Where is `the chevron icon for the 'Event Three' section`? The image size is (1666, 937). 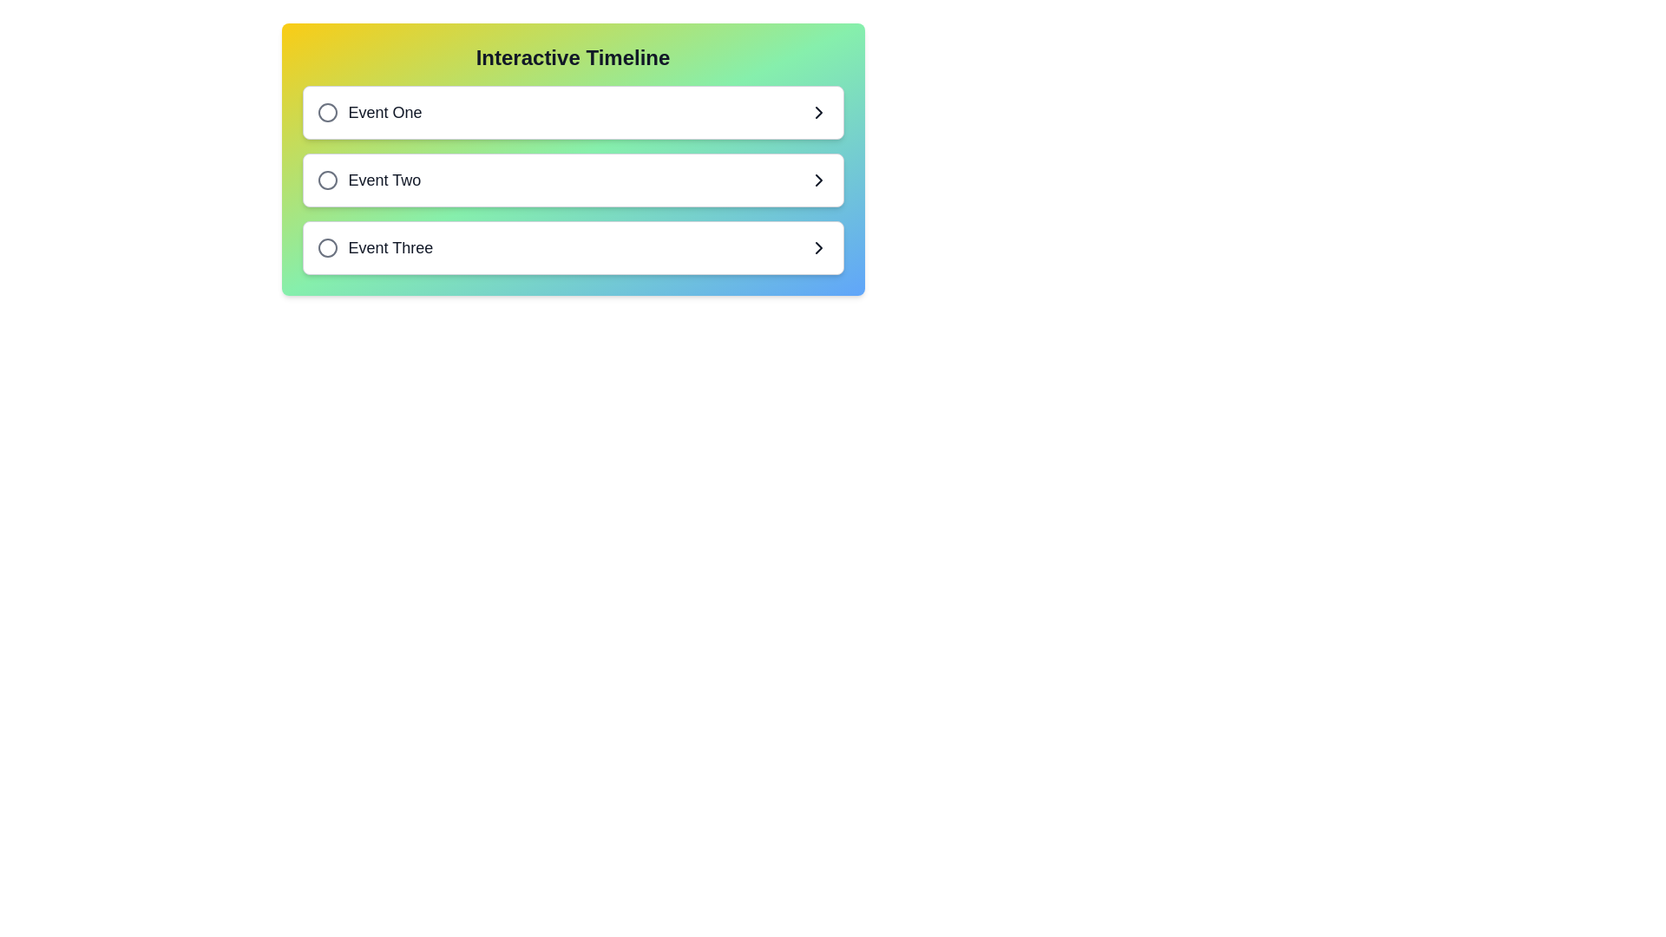 the chevron icon for the 'Event Three' section is located at coordinates (817, 247).